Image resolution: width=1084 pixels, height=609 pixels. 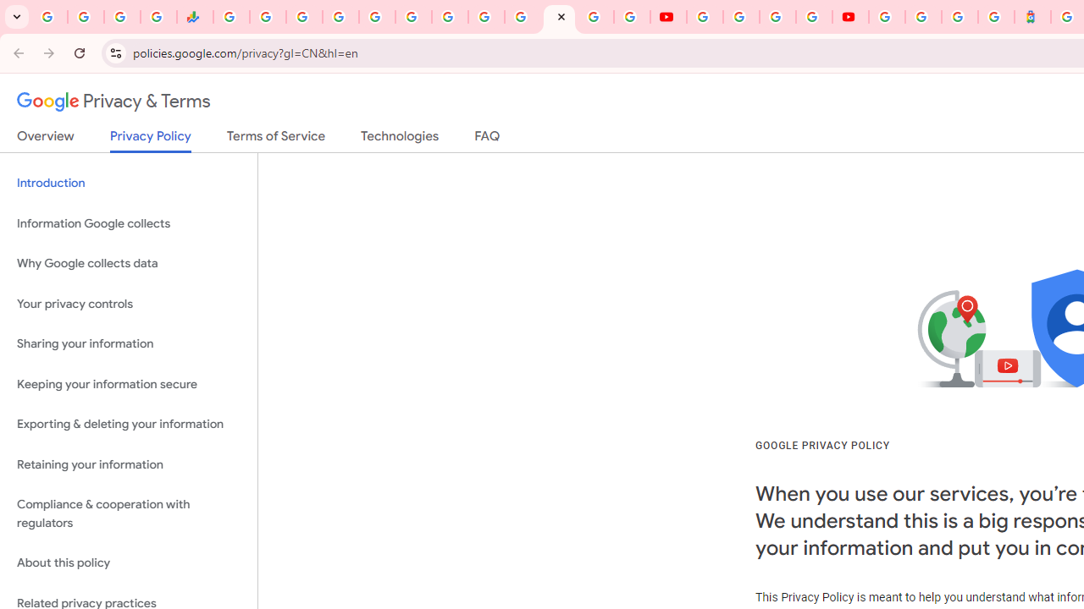 What do you see at coordinates (886, 17) in the screenshot?
I see `'Sign in - Google Accounts'` at bounding box center [886, 17].